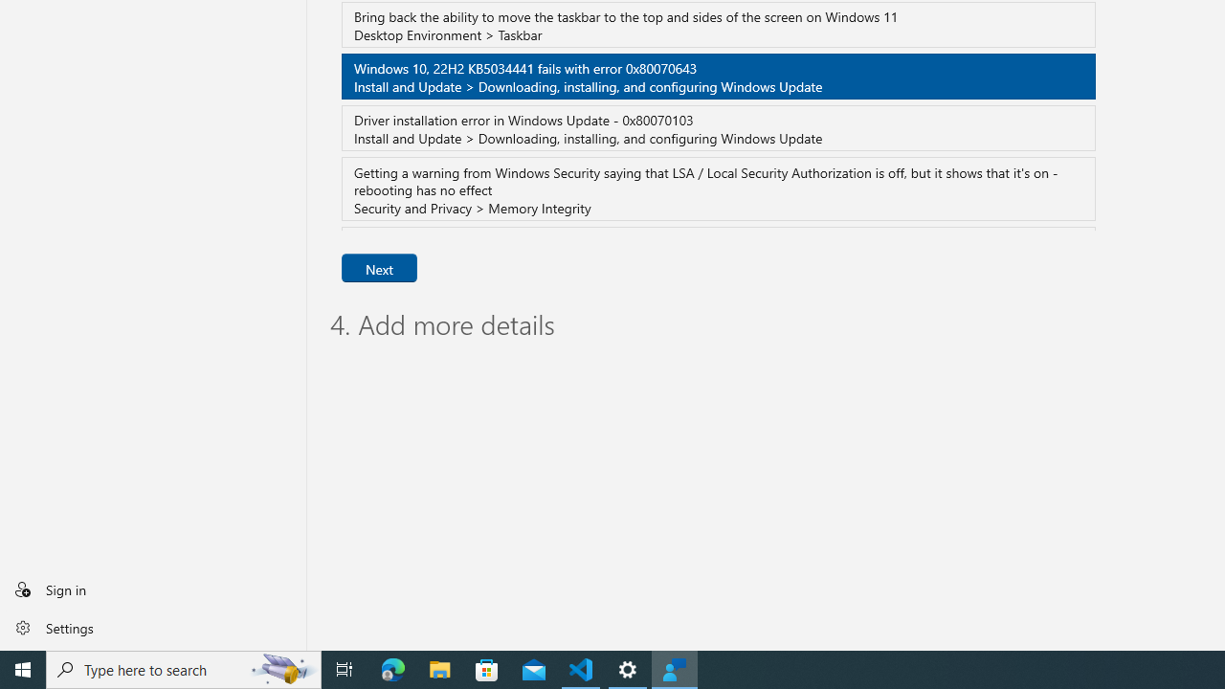 Image resolution: width=1225 pixels, height=689 pixels. Describe the element at coordinates (675, 668) in the screenshot. I see `'Feedback Hub - 1 running window'` at that location.